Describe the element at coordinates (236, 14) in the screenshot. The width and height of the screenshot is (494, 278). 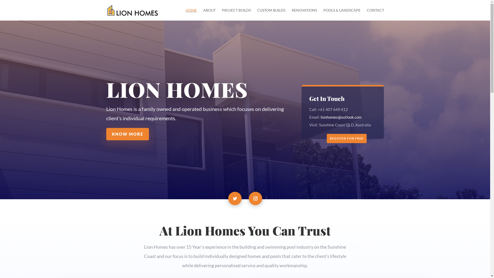
I see `'PROJECT BUILDS'` at that location.